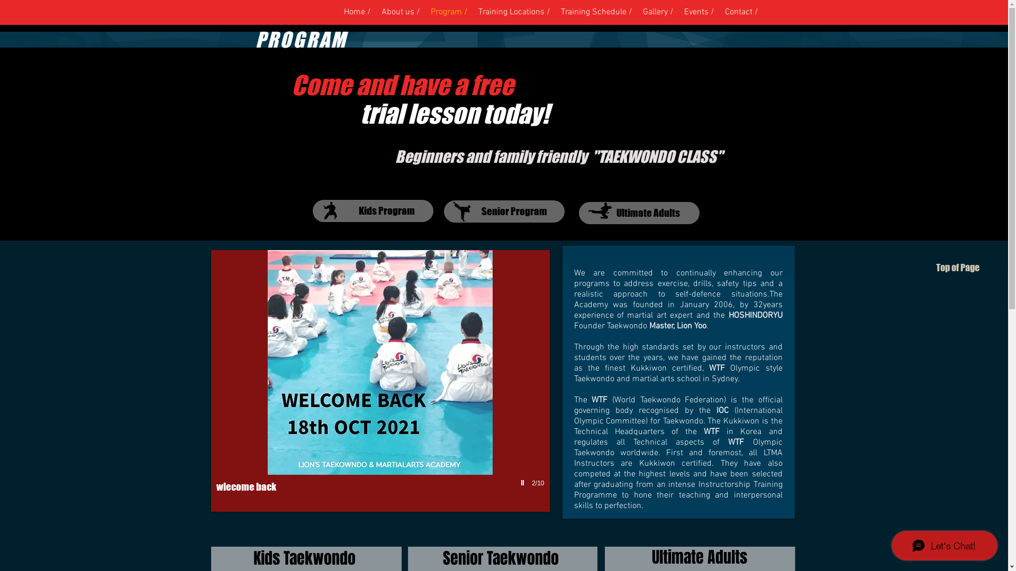 Image resolution: width=1016 pixels, height=571 pixels. Describe the element at coordinates (741, 12) in the screenshot. I see `'Contact /'` at that location.